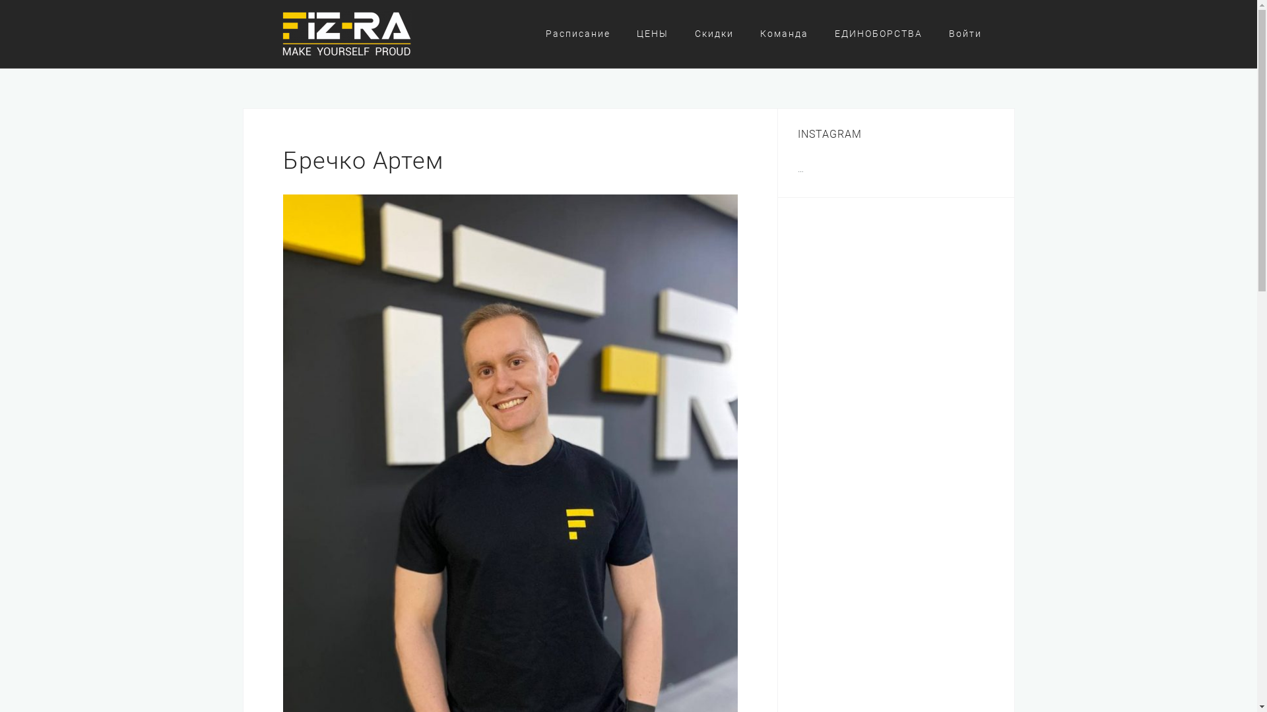 This screenshot has width=1267, height=712. What do you see at coordinates (0, 0) in the screenshot?
I see `'Skip to content'` at bounding box center [0, 0].